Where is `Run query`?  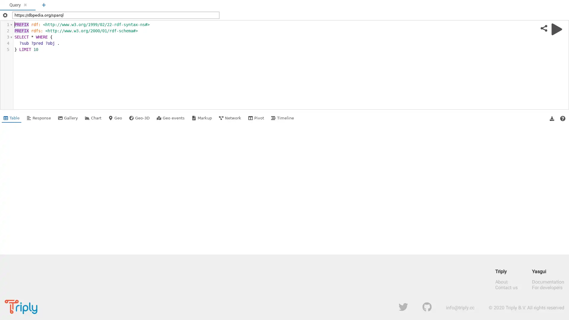 Run query is located at coordinates (556, 29).